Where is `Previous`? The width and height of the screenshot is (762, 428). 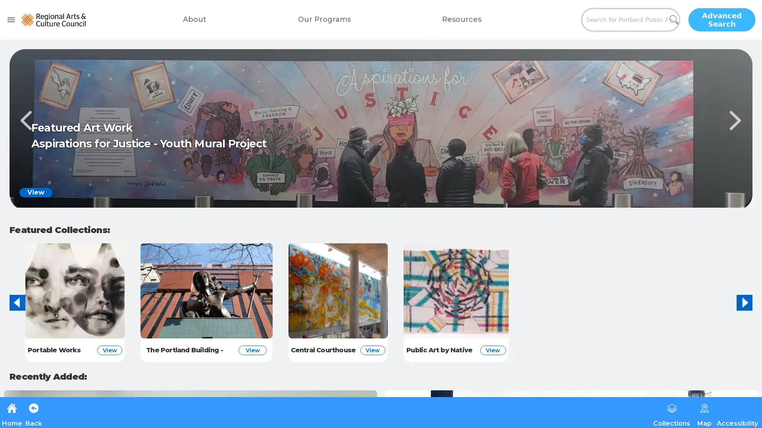 Previous is located at coordinates (121, 120).